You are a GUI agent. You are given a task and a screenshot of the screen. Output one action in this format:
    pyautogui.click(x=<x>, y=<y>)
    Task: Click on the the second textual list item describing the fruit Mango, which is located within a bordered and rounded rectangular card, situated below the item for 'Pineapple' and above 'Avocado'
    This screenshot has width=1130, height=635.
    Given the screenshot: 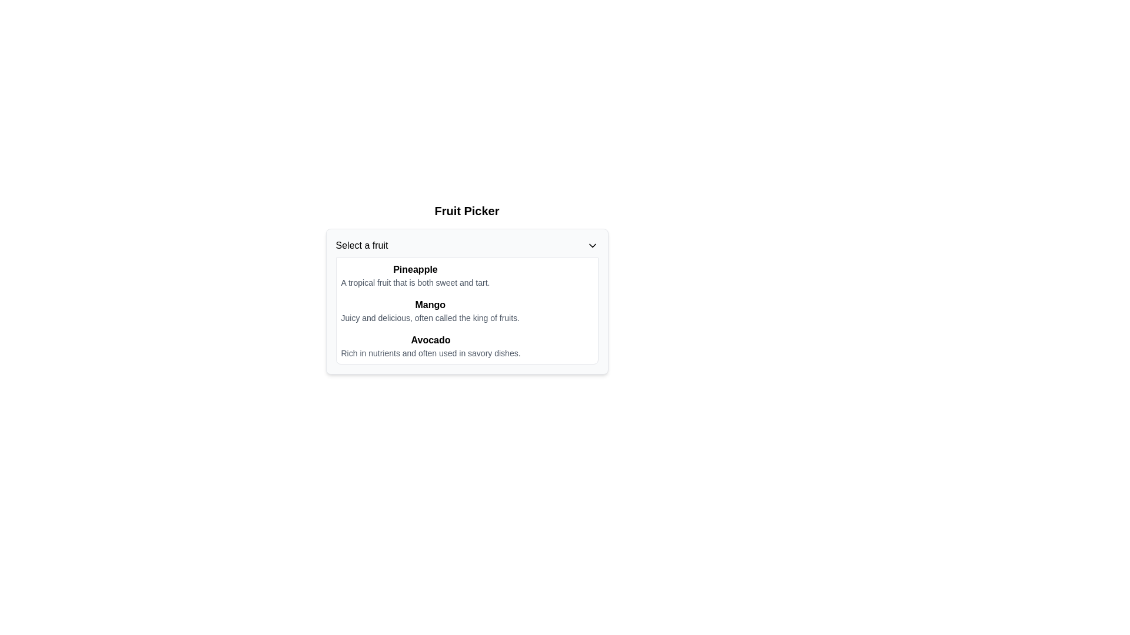 What is the action you would take?
    pyautogui.click(x=466, y=310)
    